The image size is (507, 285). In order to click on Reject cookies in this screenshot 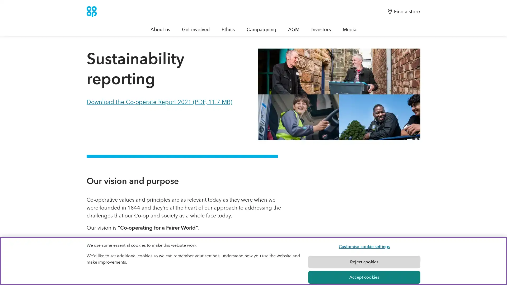, I will do `click(364, 262)`.